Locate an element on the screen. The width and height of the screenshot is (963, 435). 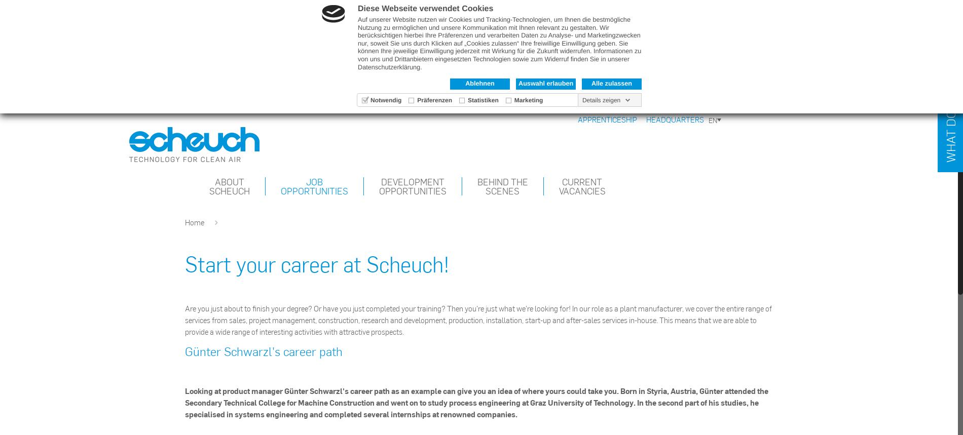
'Home' is located at coordinates (194, 221).